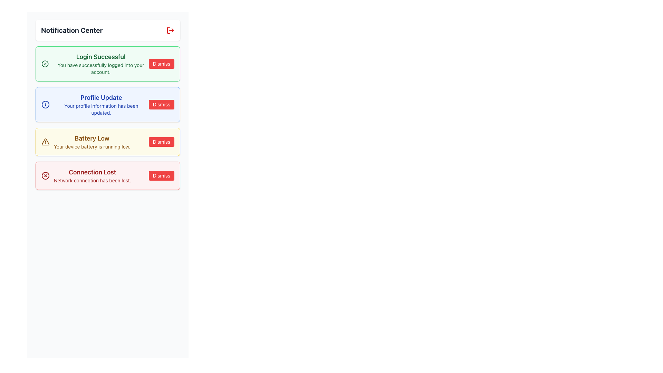  I want to click on the text label stating 'Your profile information has been updated.' located within the 'Profile Update' notification box, so click(101, 109).